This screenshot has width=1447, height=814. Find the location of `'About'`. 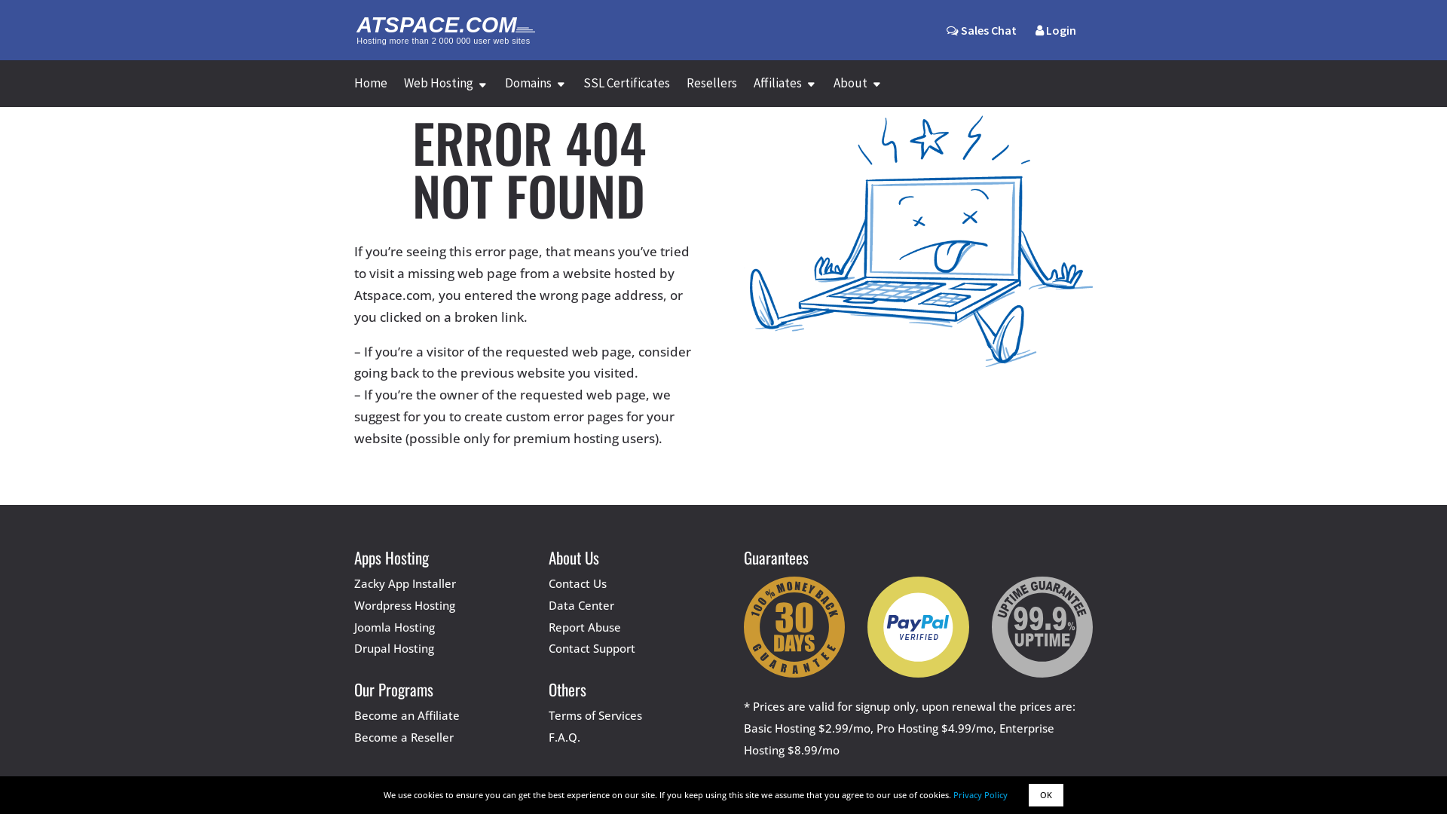

'About' is located at coordinates (858, 92).